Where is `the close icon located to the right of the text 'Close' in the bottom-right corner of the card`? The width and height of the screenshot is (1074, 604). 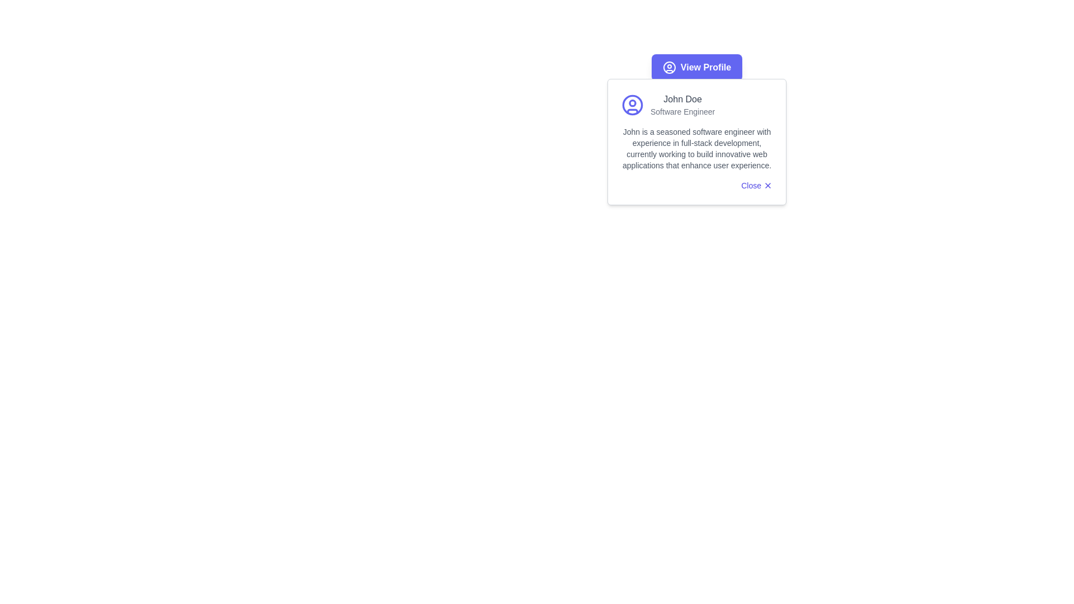 the close icon located to the right of the text 'Close' in the bottom-right corner of the card is located at coordinates (767, 185).